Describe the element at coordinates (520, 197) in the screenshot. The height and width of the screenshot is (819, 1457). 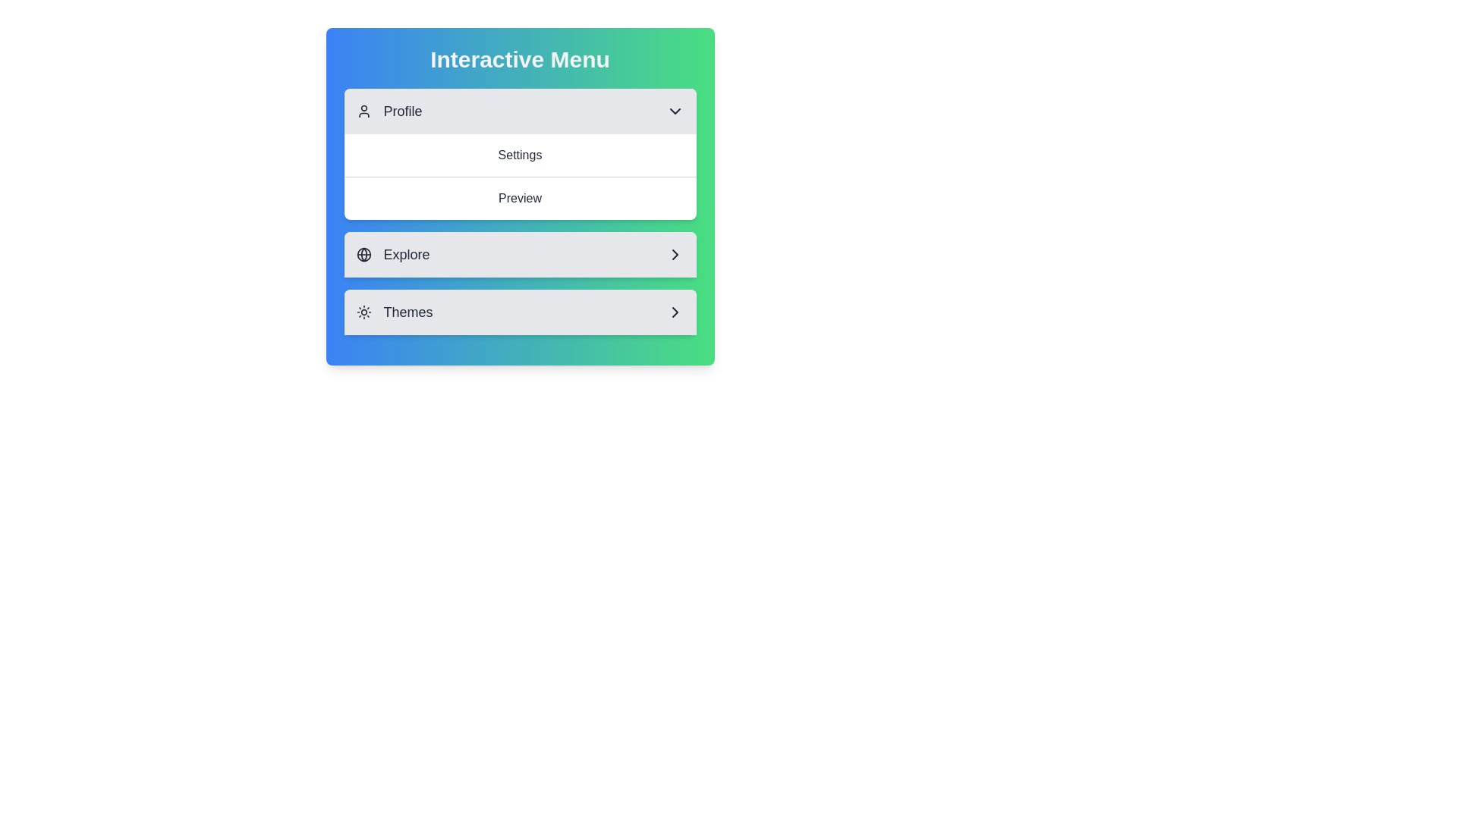
I see `the menu item Preview under the 'Profile' section` at that location.